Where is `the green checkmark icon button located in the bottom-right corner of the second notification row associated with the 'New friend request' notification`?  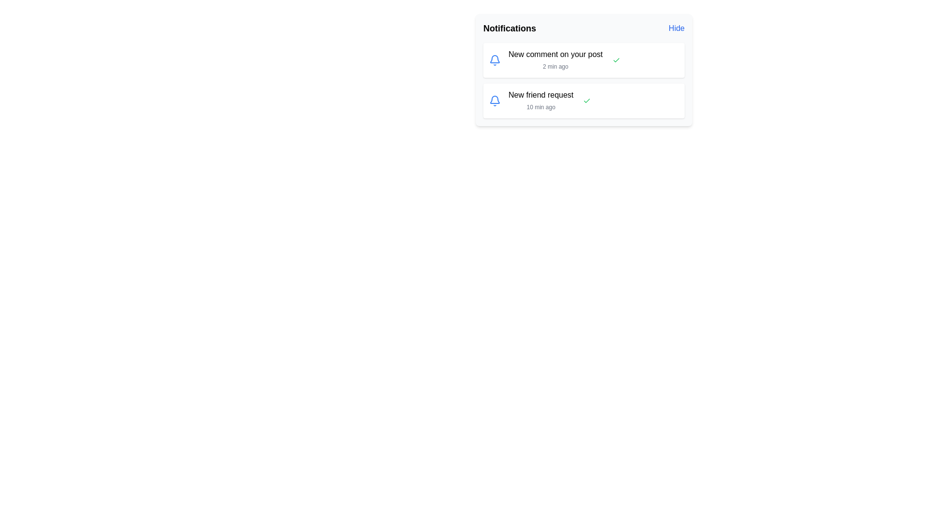 the green checkmark icon button located in the bottom-right corner of the second notification row associated with the 'New friend request' notification is located at coordinates (586, 101).